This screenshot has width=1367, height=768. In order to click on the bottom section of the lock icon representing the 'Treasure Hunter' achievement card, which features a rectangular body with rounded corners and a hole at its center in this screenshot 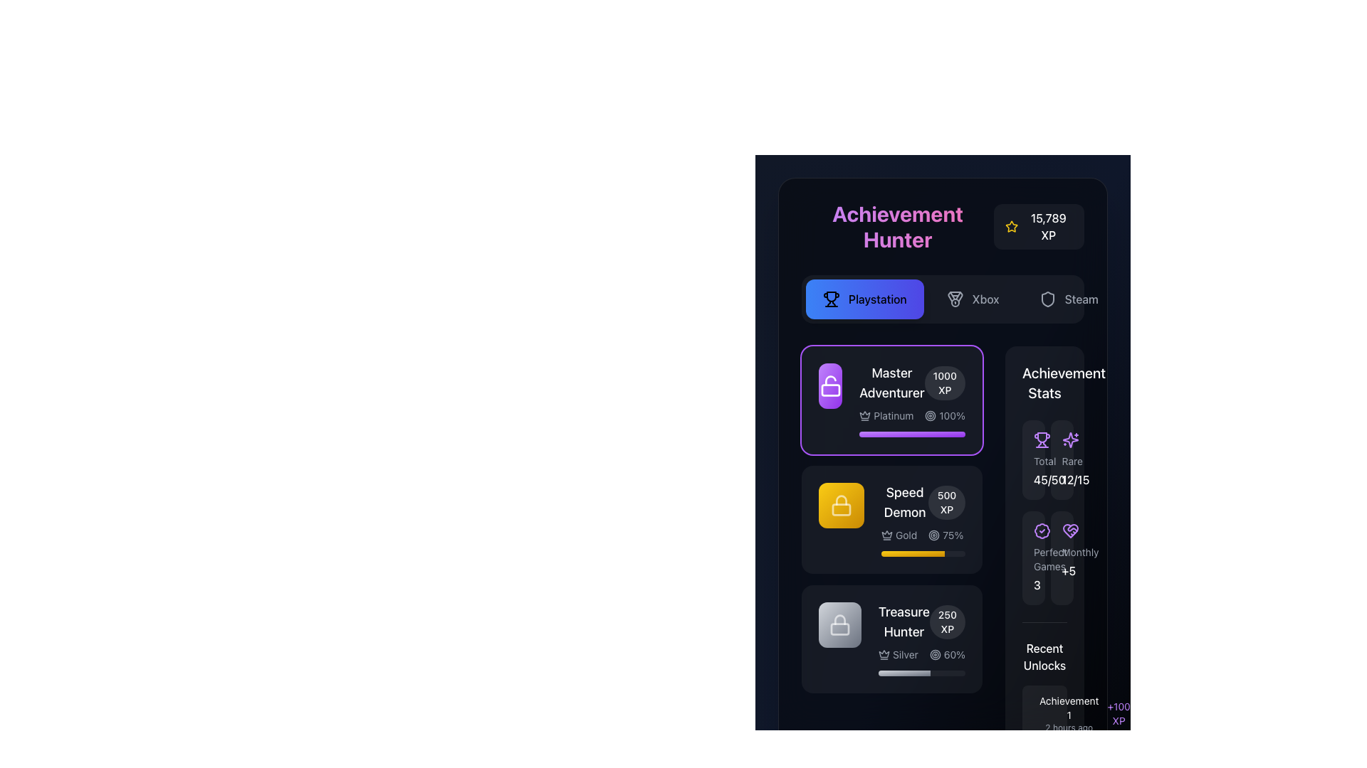, I will do `click(840, 628)`.